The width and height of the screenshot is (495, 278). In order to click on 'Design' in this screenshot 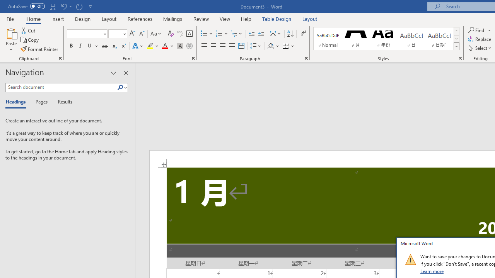, I will do `click(83, 19)`.